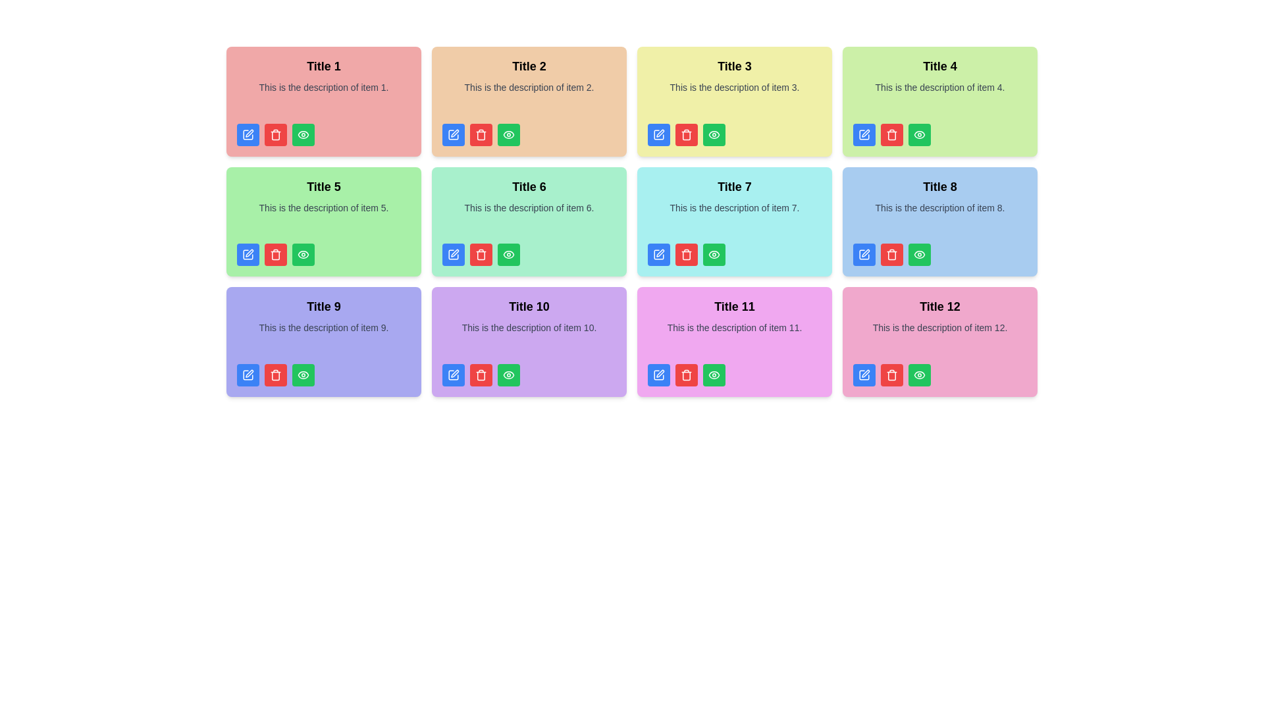 This screenshot has width=1264, height=711. I want to click on the leftmost edit action button located in the bottom left of each item card, so click(660, 253).